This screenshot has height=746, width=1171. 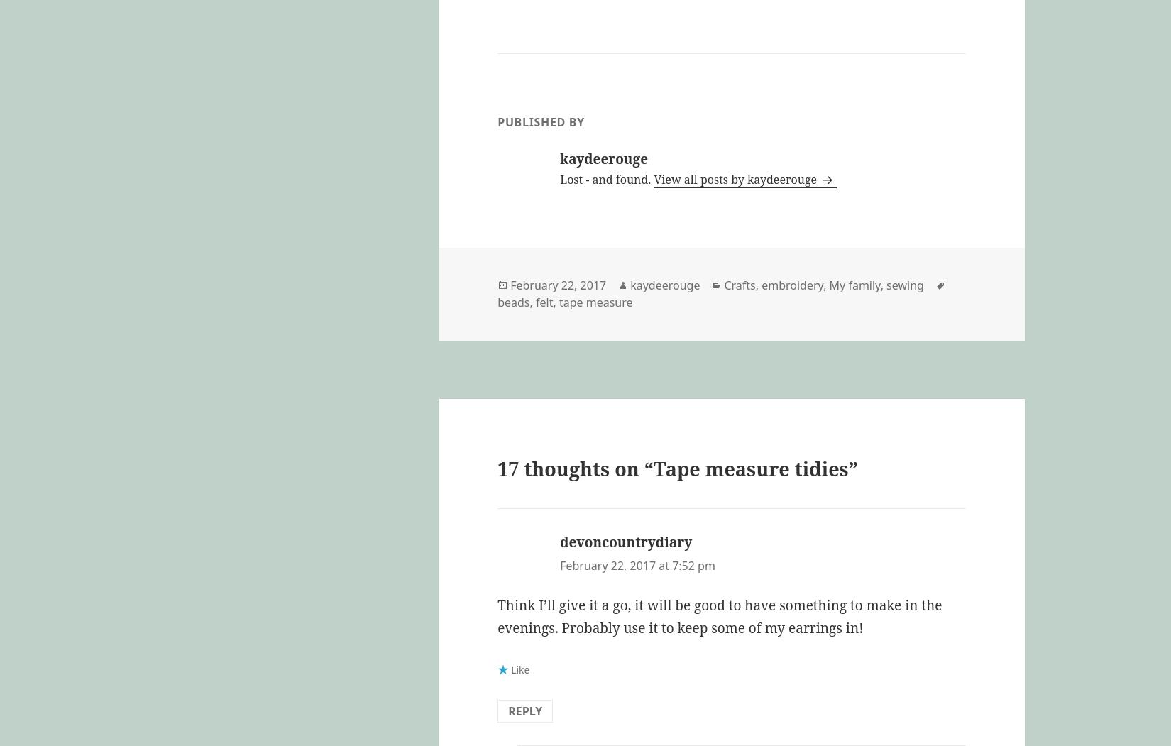 What do you see at coordinates (903, 285) in the screenshot?
I see `'sewing'` at bounding box center [903, 285].